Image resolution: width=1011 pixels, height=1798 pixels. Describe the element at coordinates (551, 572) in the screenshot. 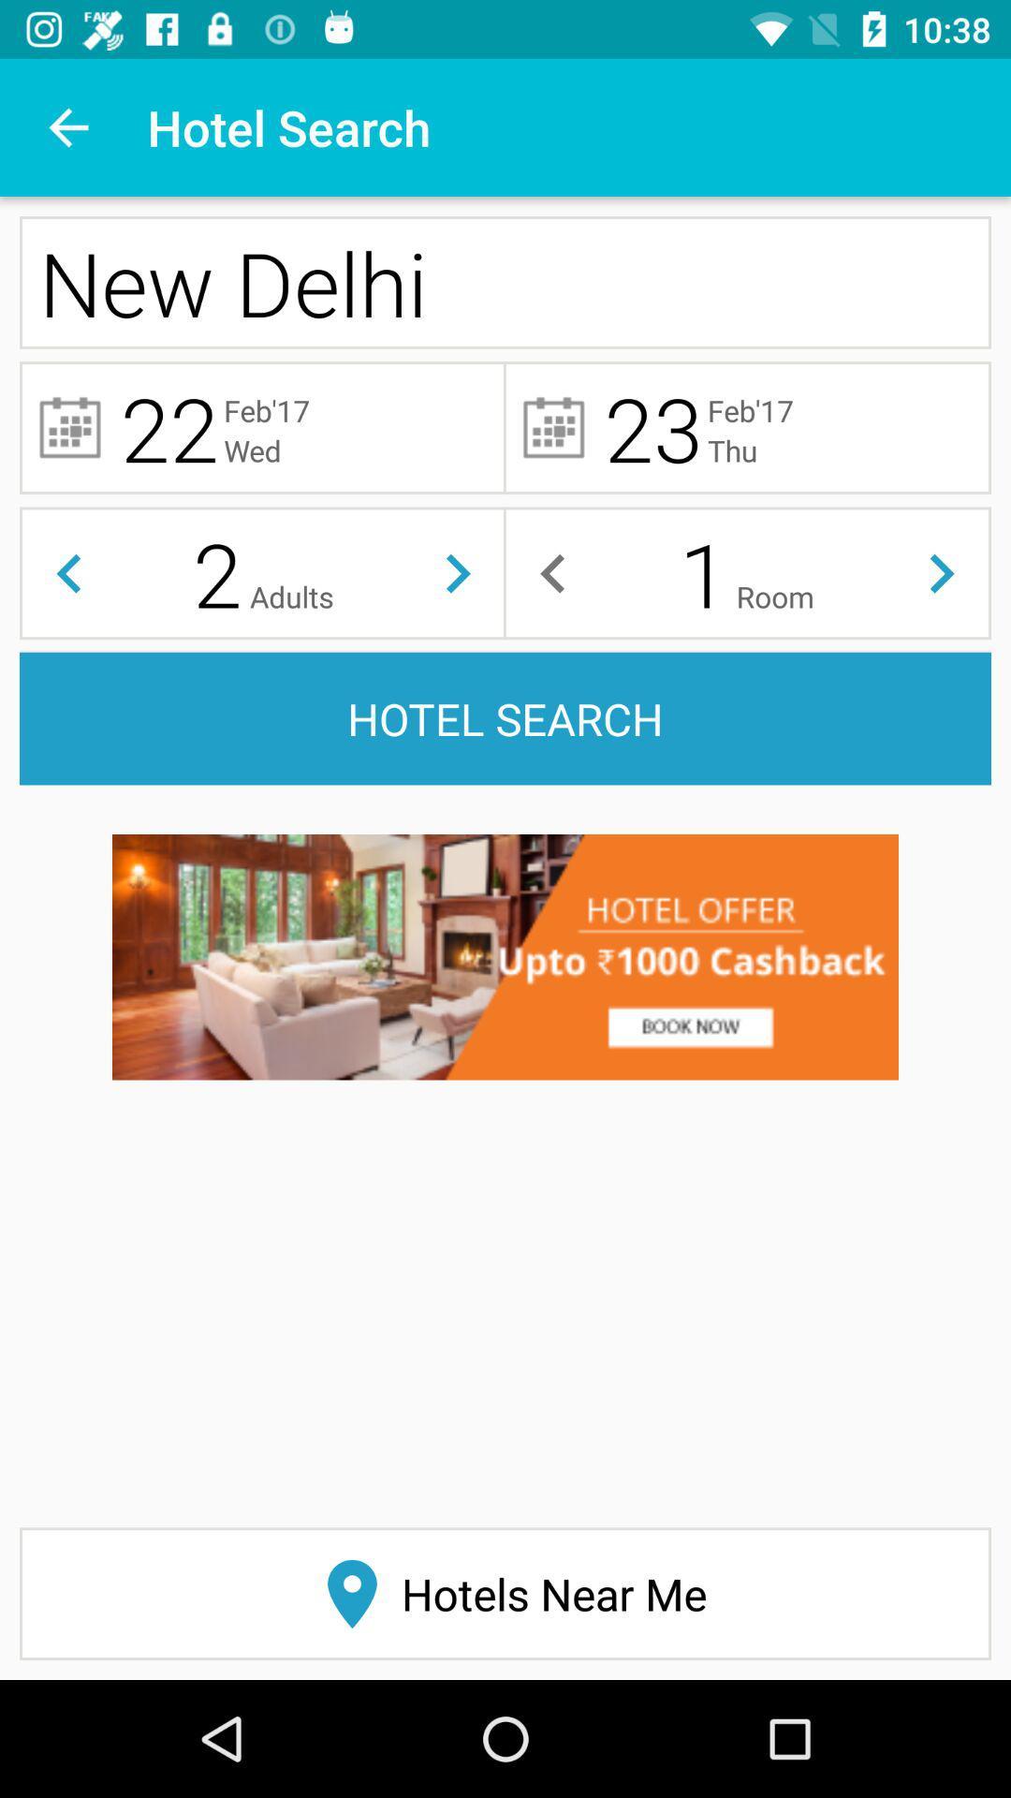

I see `the arrow_backward icon` at that location.